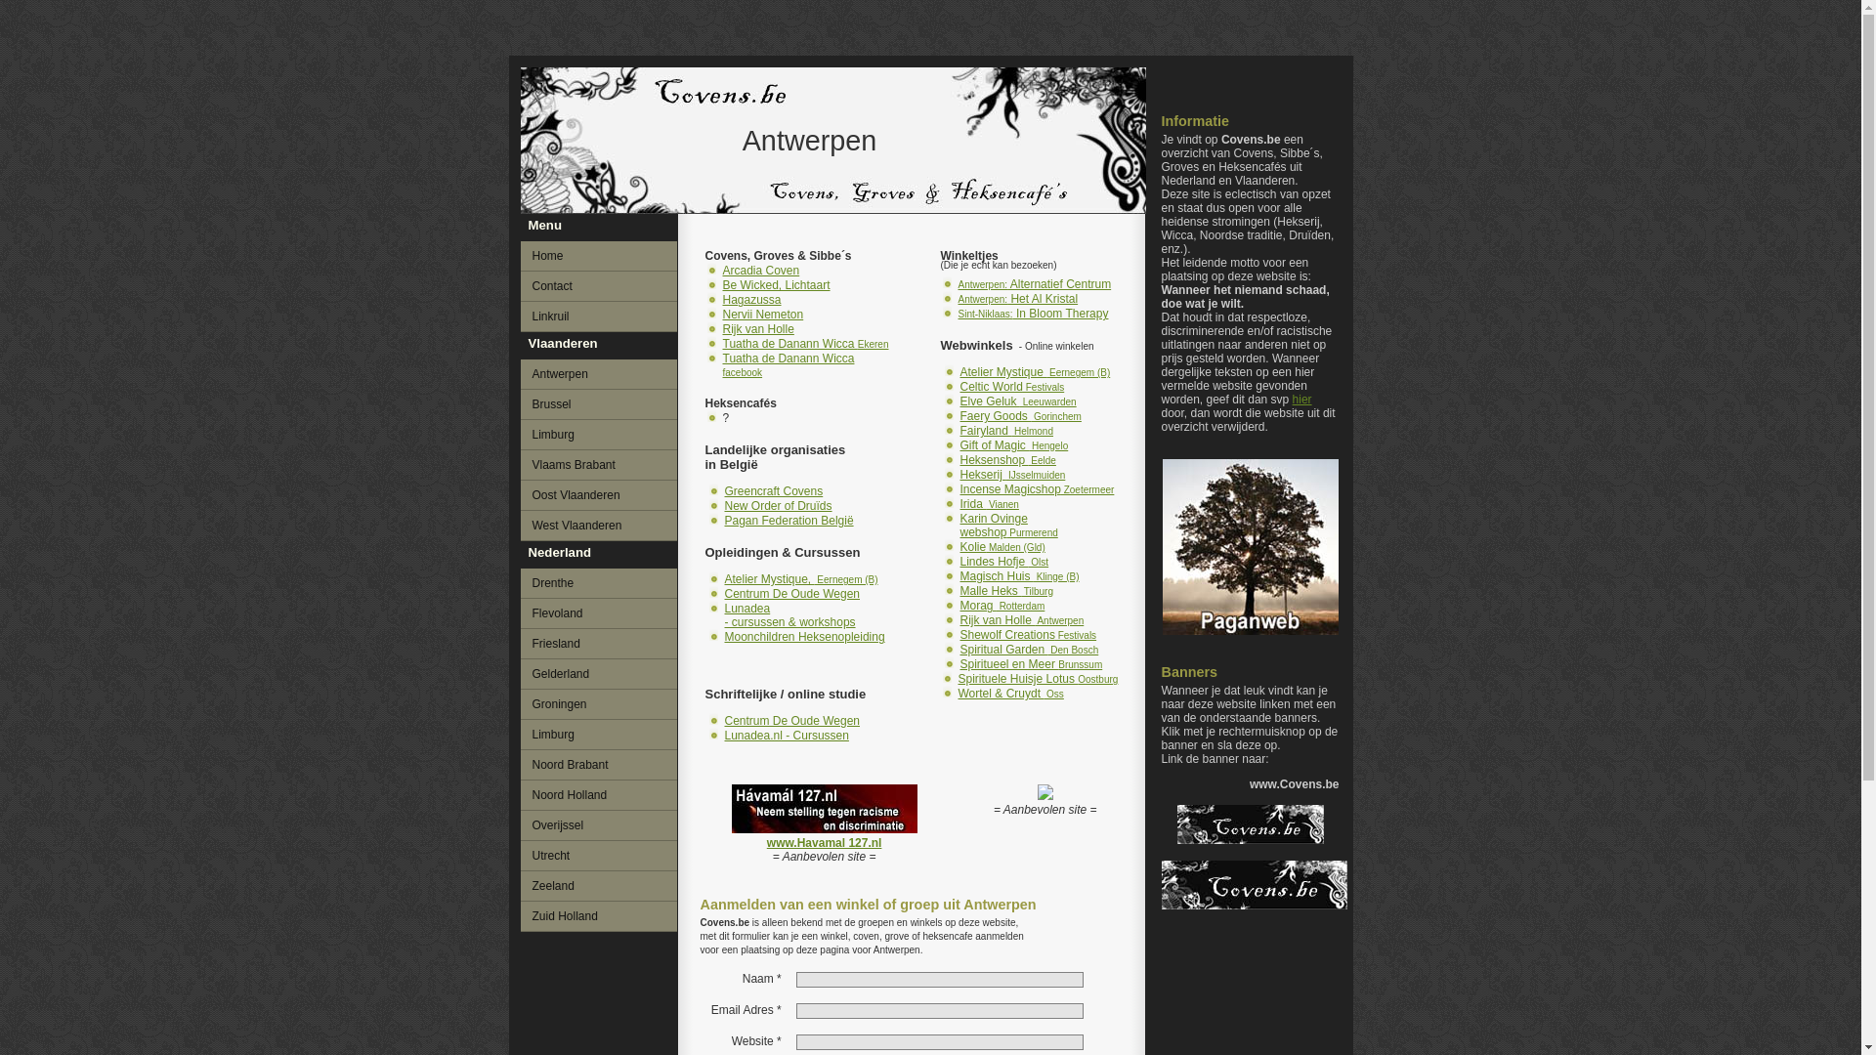  I want to click on 'Malle Heks  Tilburg', so click(1005, 590).